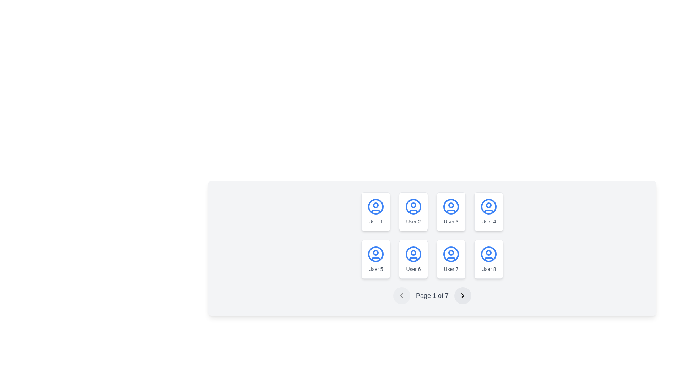 This screenshot has width=682, height=383. What do you see at coordinates (413, 211) in the screenshot?
I see `the lower section of the user icon, which represents the neck area of the user shape in the second position of the top row within a grid of user icons` at bounding box center [413, 211].